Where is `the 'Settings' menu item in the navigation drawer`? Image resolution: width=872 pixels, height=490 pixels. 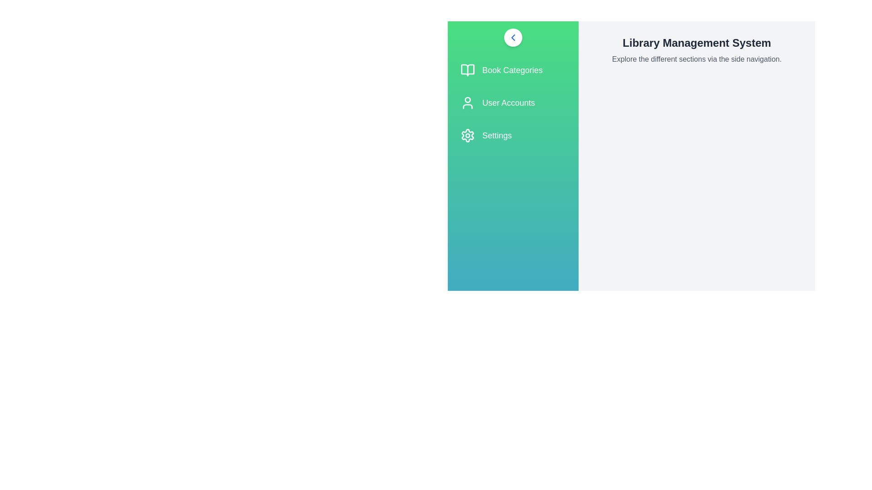
the 'Settings' menu item in the navigation drawer is located at coordinates (513, 136).